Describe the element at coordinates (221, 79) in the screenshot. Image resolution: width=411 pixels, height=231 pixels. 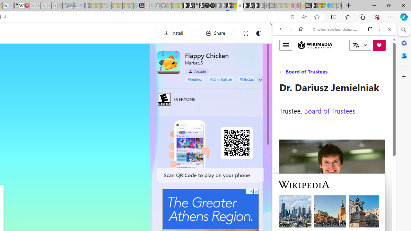
I see `'#One Button'` at that location.